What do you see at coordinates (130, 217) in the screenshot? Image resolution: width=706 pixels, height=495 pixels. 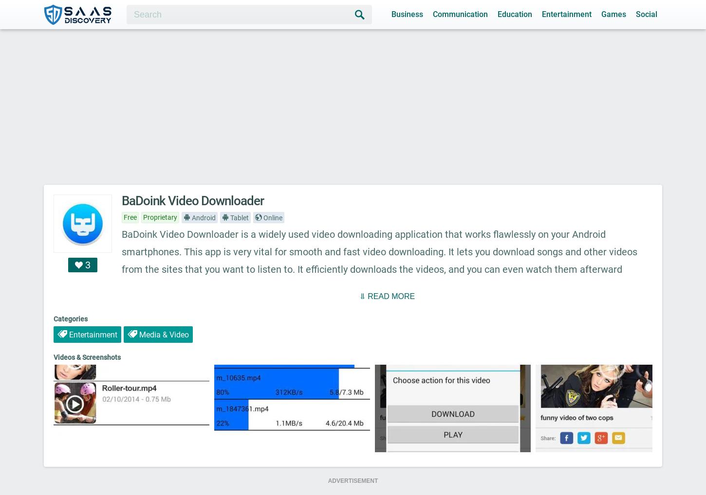 I see `'Free'` at bounding box center [130, 217].